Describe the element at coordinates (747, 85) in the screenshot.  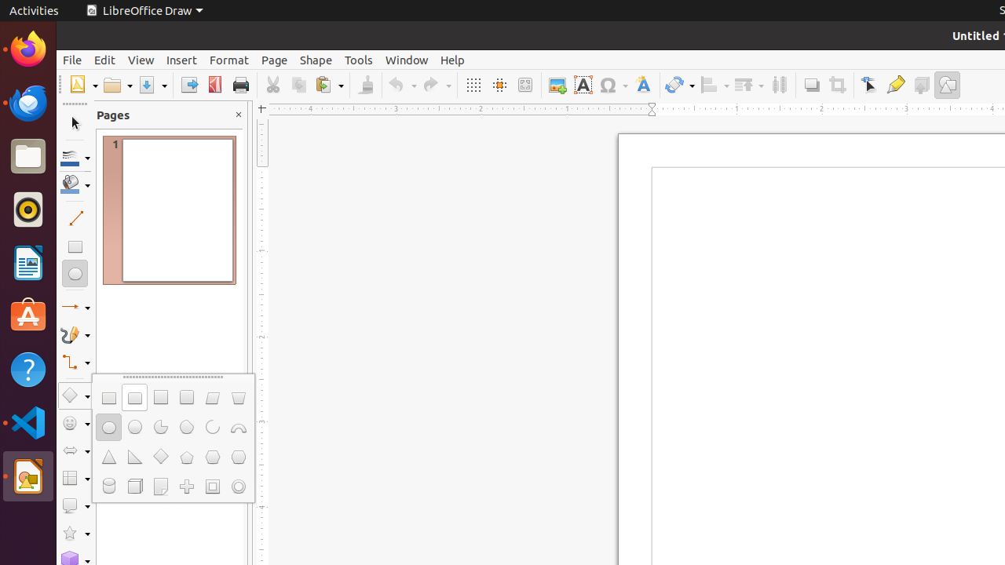
I see `'Arrange'` at that location.